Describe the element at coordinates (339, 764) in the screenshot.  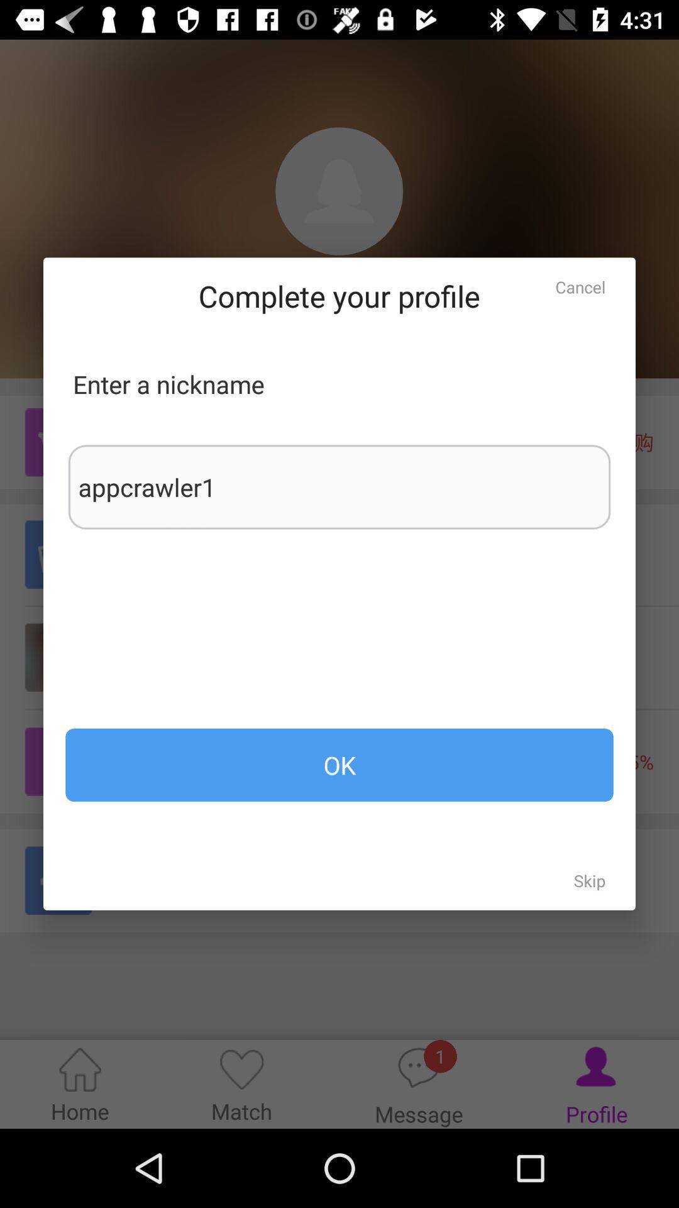
I see `icon above skip` at that location.